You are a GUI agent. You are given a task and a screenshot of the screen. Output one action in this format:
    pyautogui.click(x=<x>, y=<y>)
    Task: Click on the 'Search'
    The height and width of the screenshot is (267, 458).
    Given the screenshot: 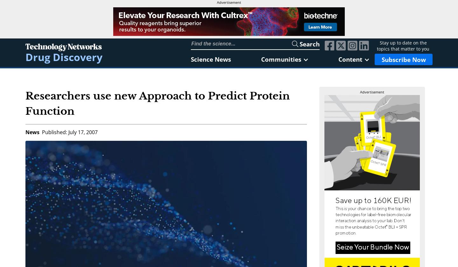 What is the action you would take?
    pyautogui.click(x=309, y=44)
    